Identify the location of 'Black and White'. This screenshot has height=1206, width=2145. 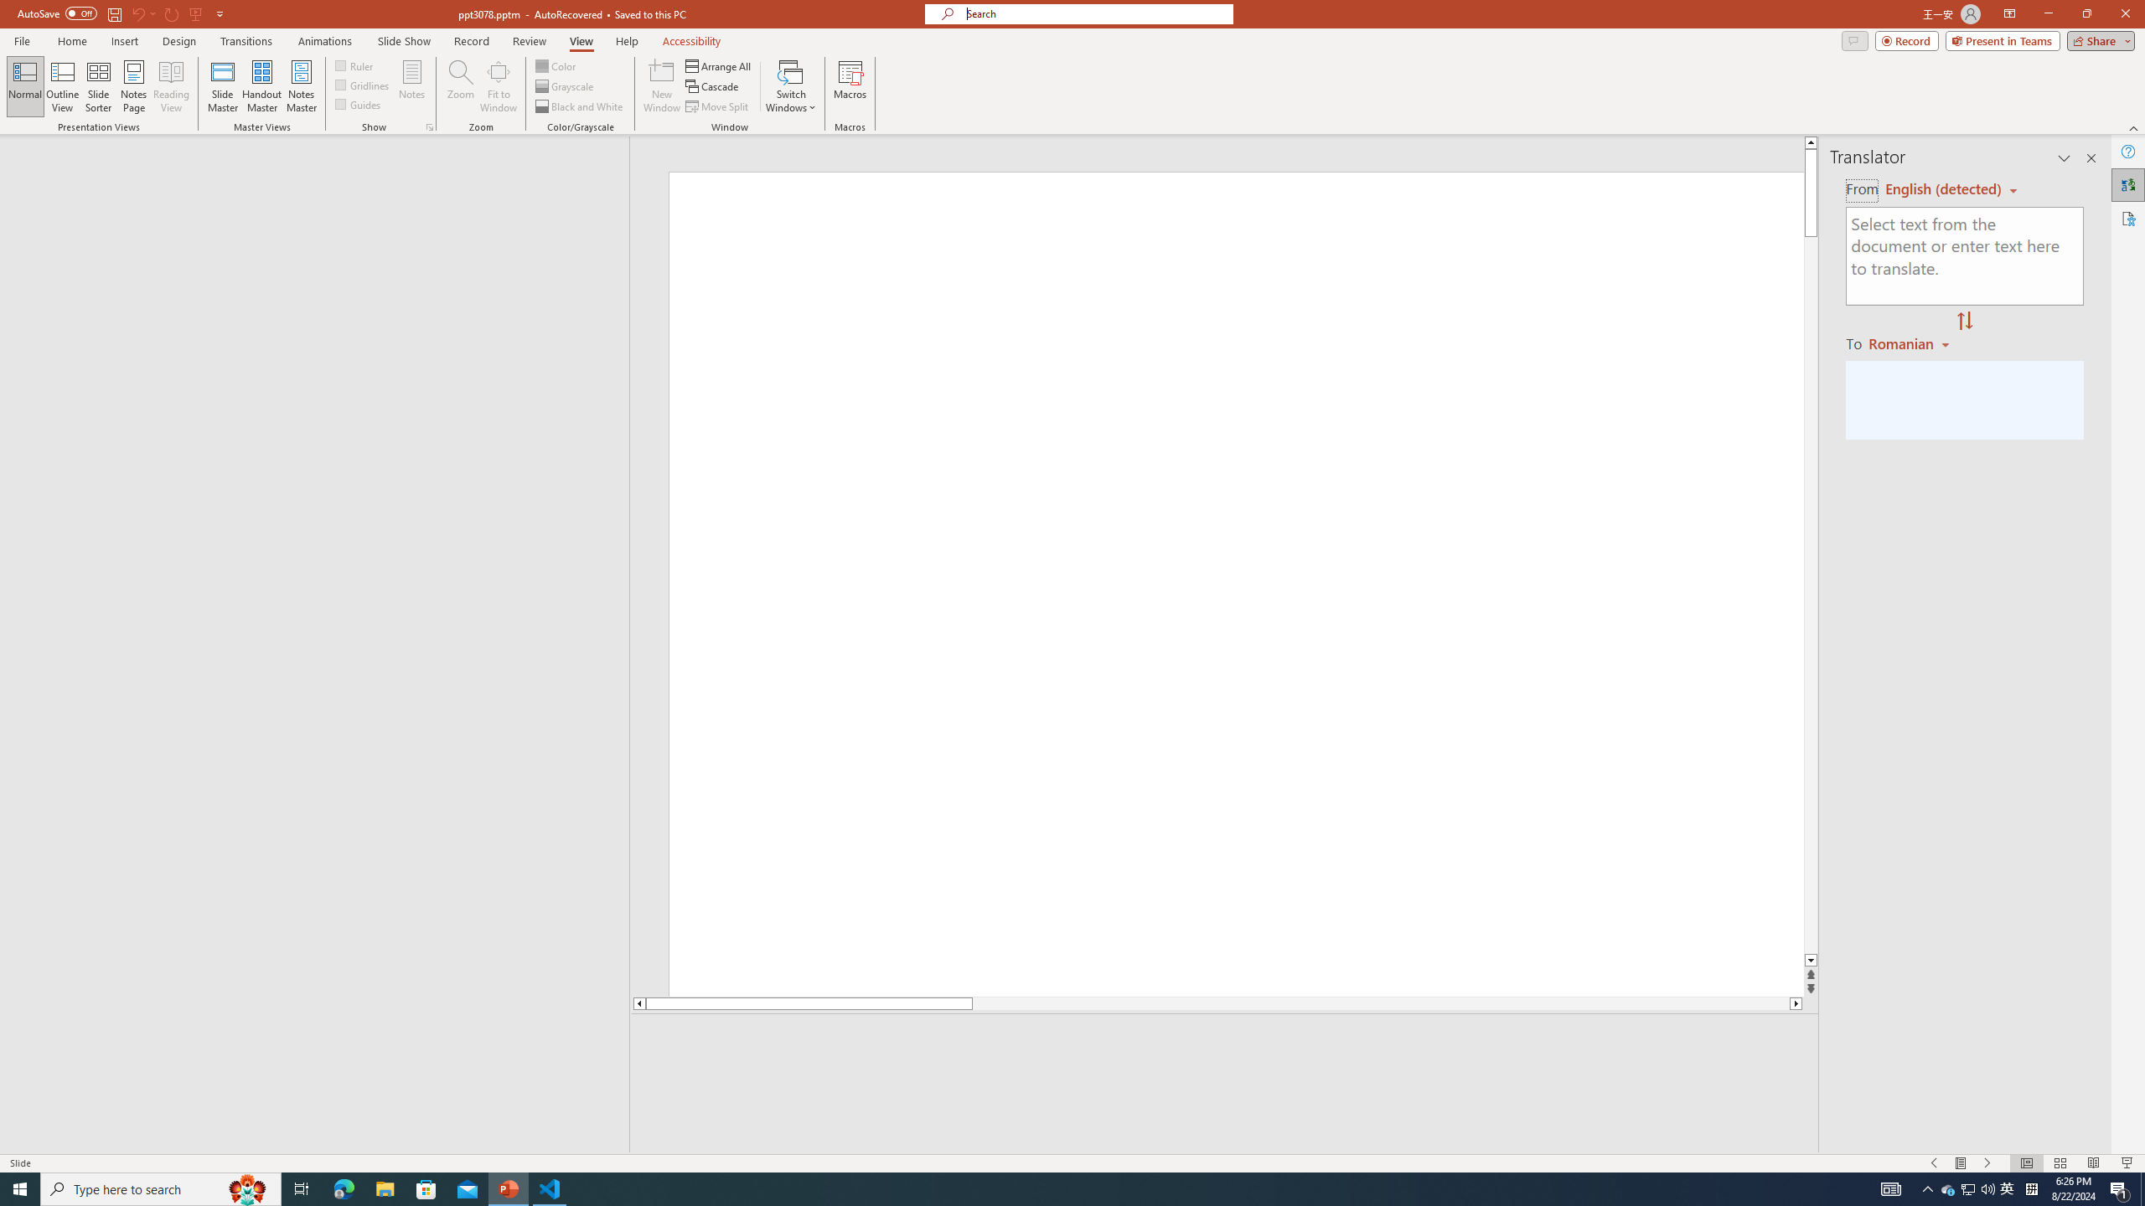
(580, 106).